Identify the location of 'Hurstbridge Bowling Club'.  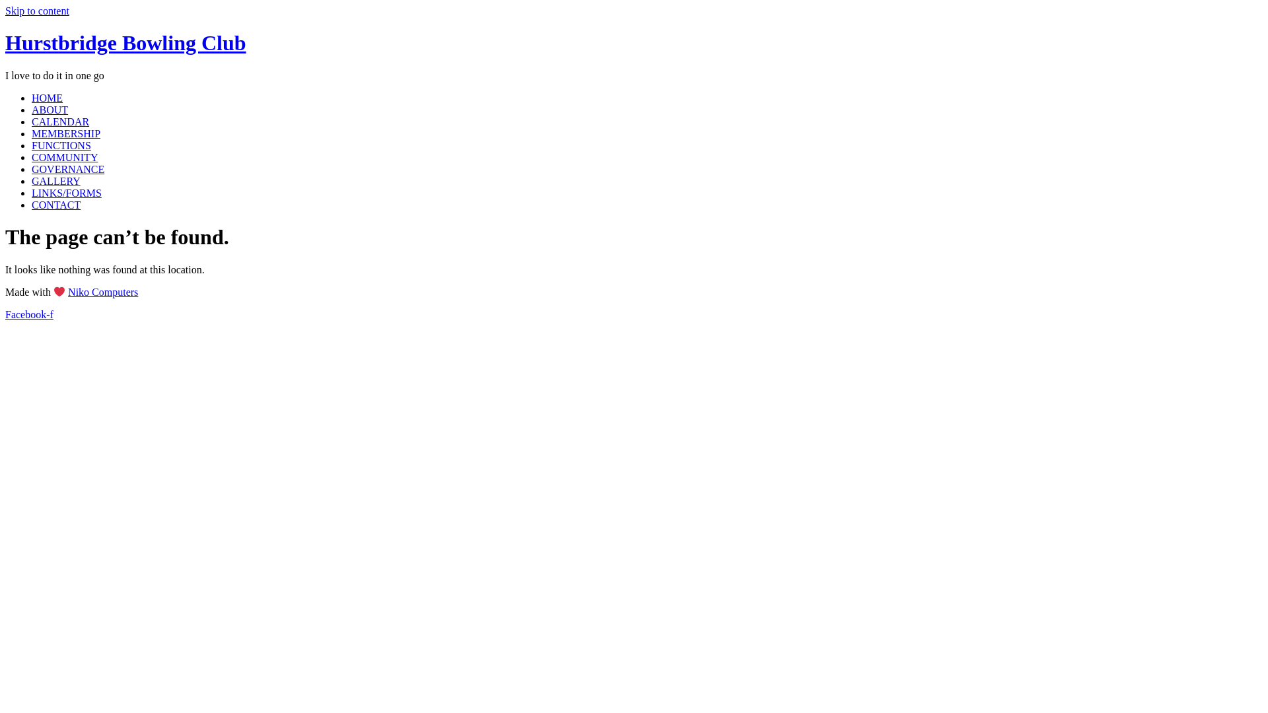
(125, 42).